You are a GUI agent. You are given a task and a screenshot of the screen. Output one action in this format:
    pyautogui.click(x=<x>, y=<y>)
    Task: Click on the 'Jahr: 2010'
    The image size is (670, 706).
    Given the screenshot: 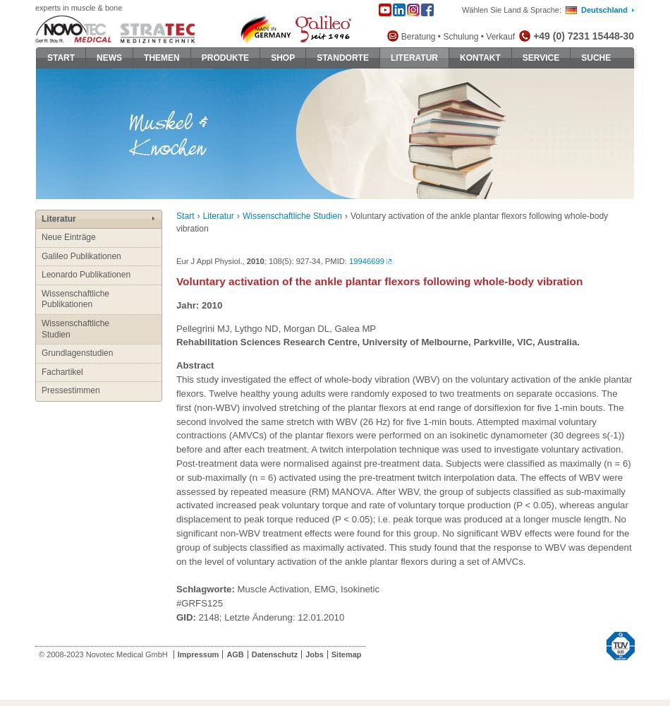 What is the action you would take?
    pyautogui.click(x=198, y=304)
    